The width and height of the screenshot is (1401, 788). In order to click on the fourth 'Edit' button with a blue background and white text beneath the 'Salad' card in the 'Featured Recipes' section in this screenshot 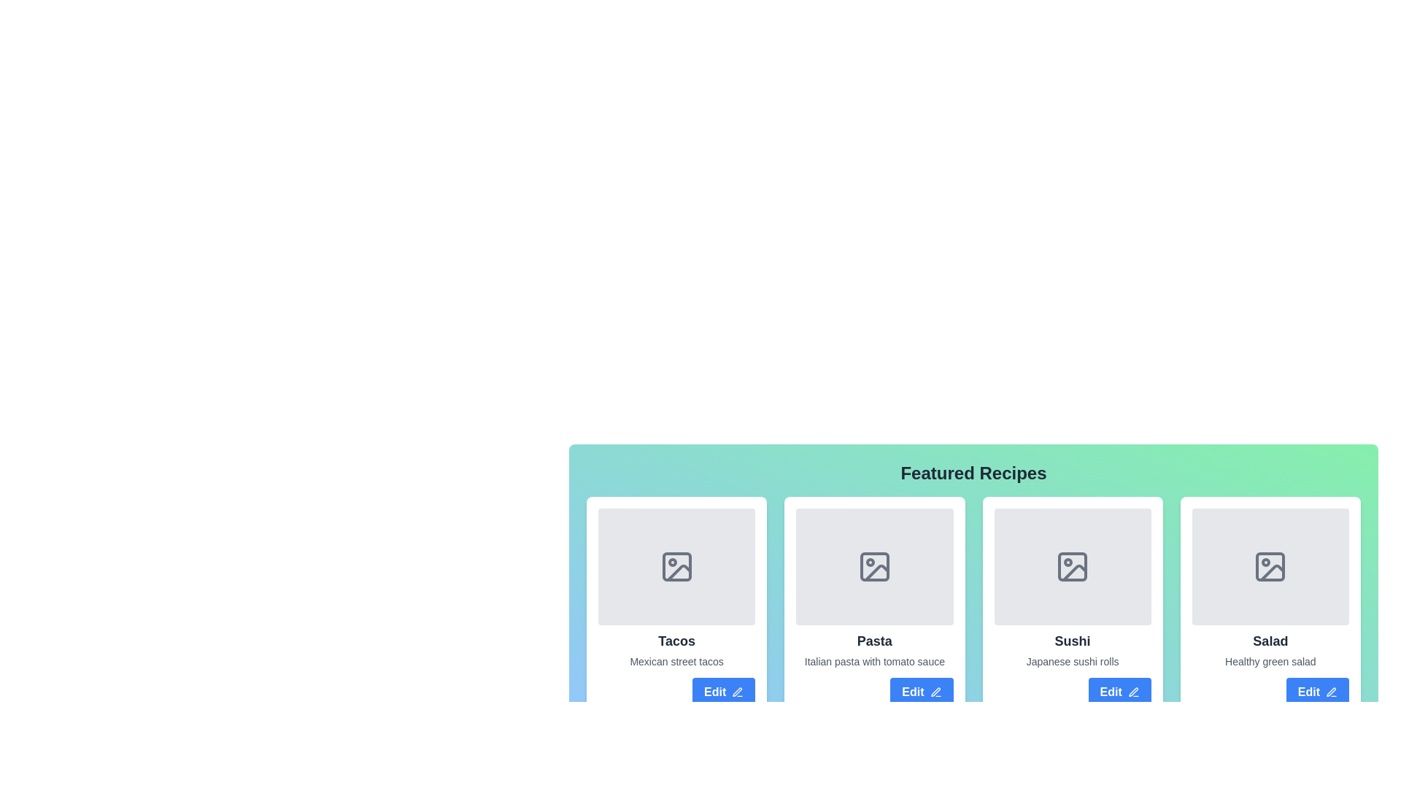, I will do `click(1317, 691)`.